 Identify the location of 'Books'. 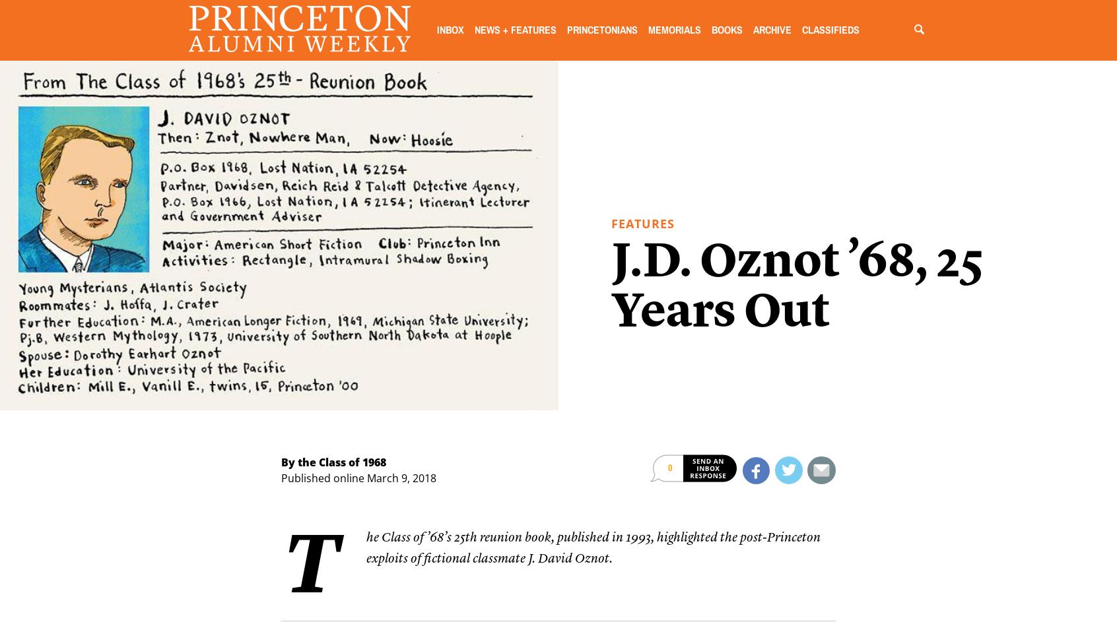
(726, 30).